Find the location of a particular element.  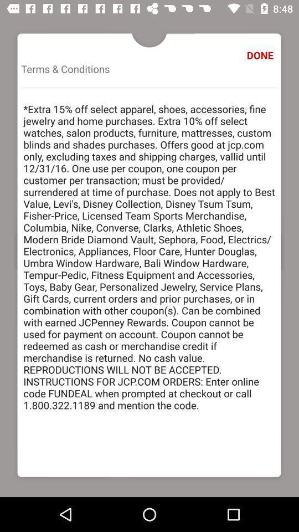

done is located at coordinates (261, 55).